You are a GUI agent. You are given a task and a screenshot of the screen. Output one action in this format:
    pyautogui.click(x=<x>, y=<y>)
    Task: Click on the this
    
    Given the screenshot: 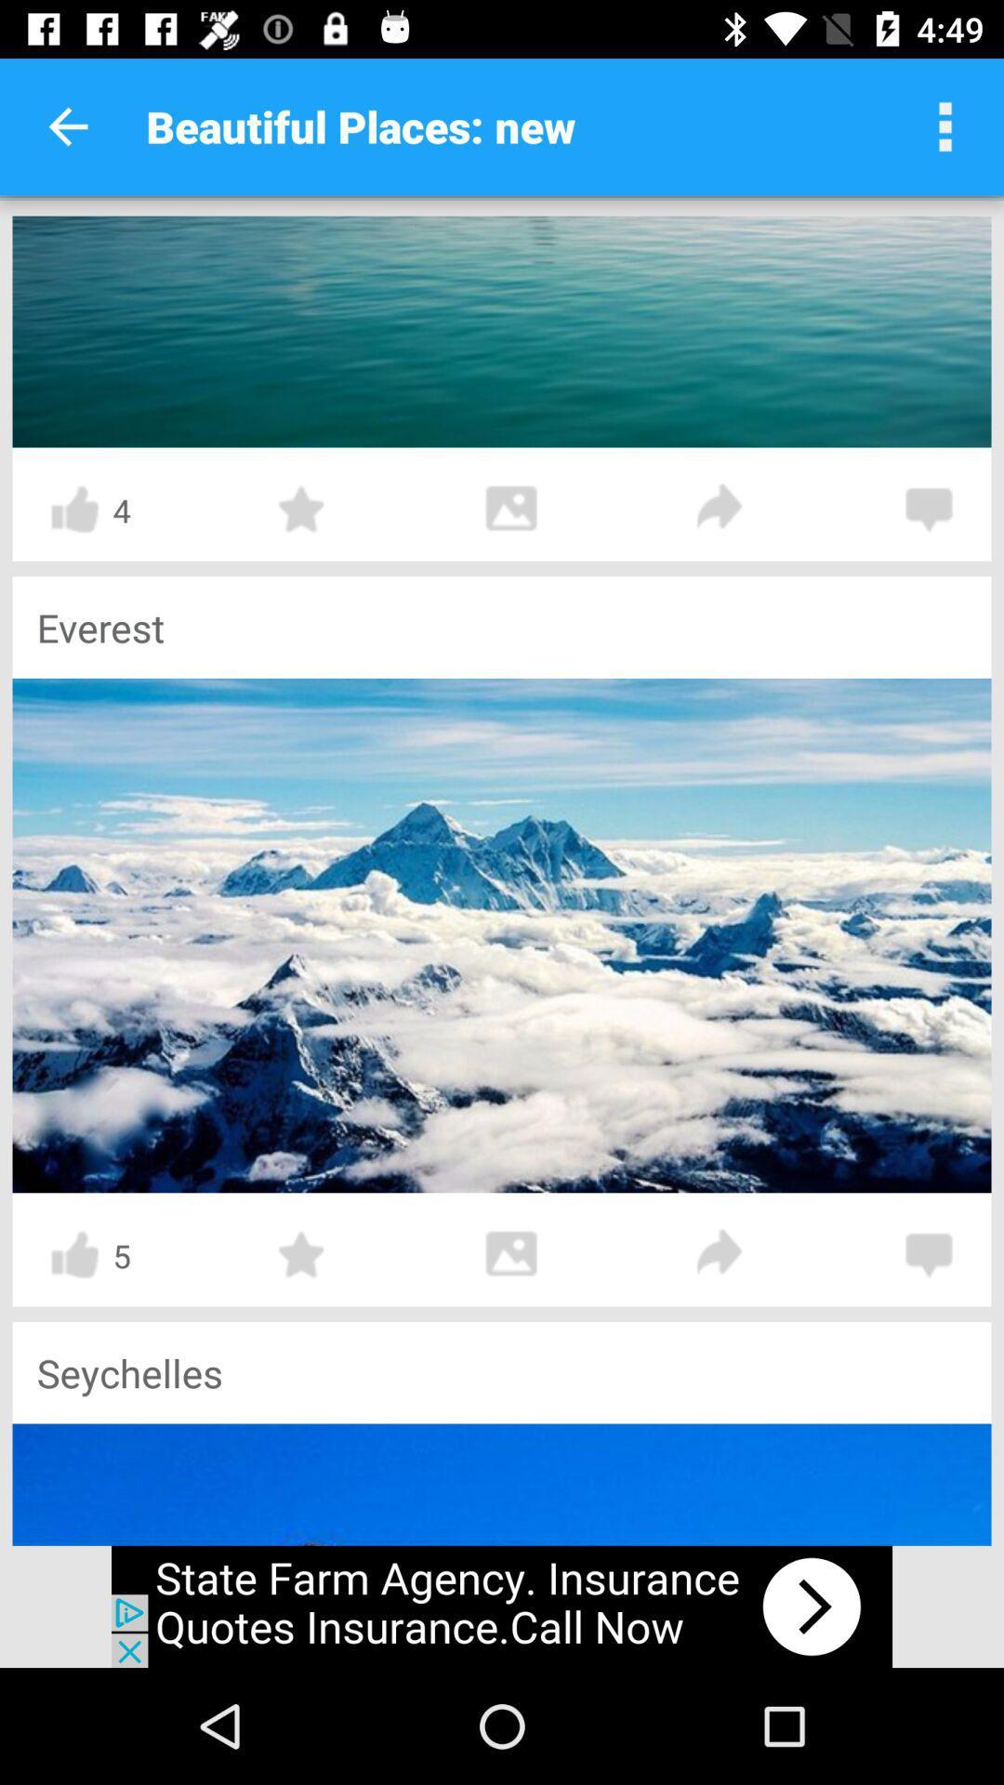 What is the action you would take?
    pyautogui.click(x=301, y=1254)
    